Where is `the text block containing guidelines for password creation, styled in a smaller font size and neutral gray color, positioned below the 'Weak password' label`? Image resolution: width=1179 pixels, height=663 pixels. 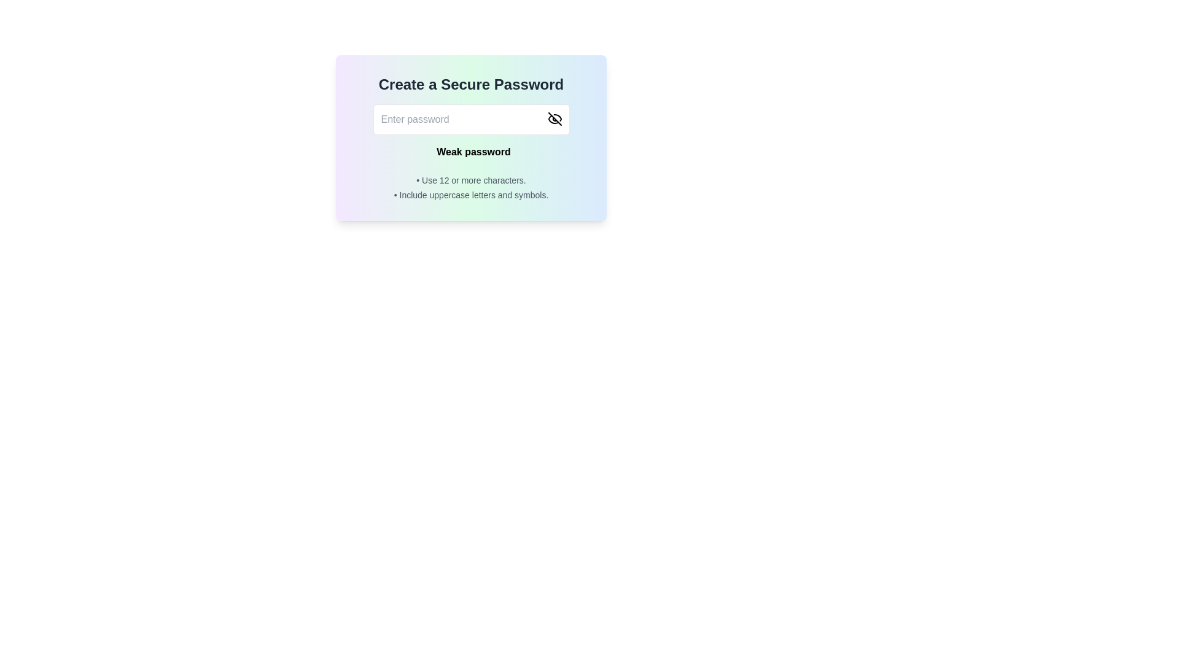 the text block containing guidelines for password creation, styled in a smaller font size and neutral gray color, positioned below the 'Weak password' label is located at coordinates (470, 187).